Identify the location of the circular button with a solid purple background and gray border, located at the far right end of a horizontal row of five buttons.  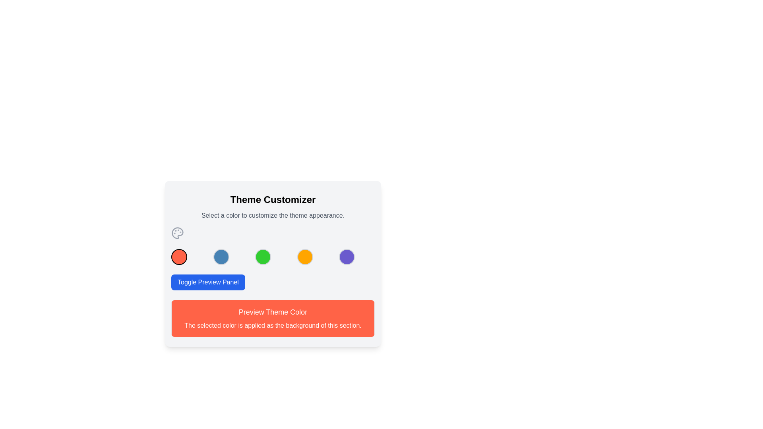
(347, 257).